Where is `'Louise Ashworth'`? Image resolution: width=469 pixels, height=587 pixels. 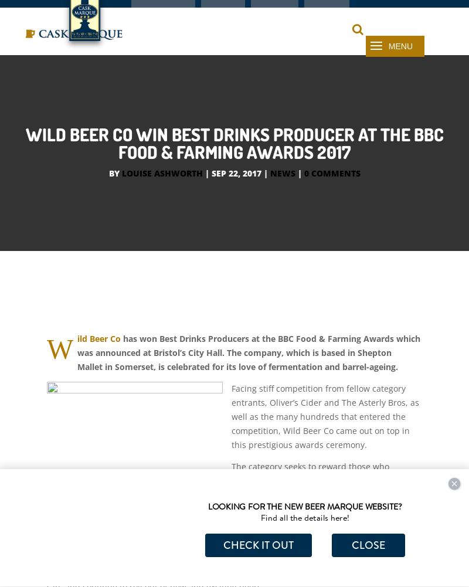 'Louise Ashworth' is located at coordinates (162, 199).